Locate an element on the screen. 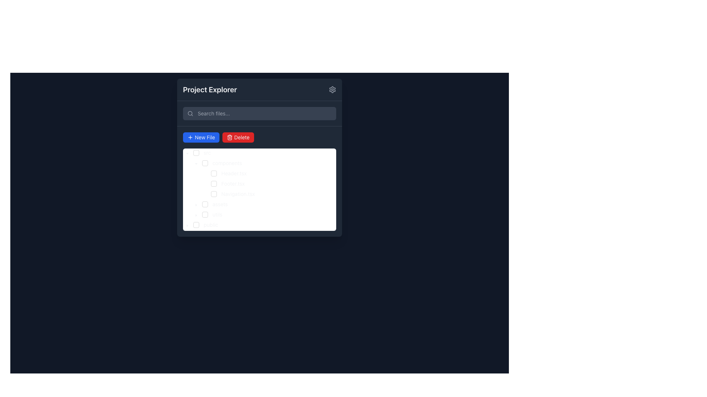 The height and width of the screenshot is (397, 707). the gear icon button located at the top-right corner of the 'Project Explorer' header is located at coordinates (332, 89).